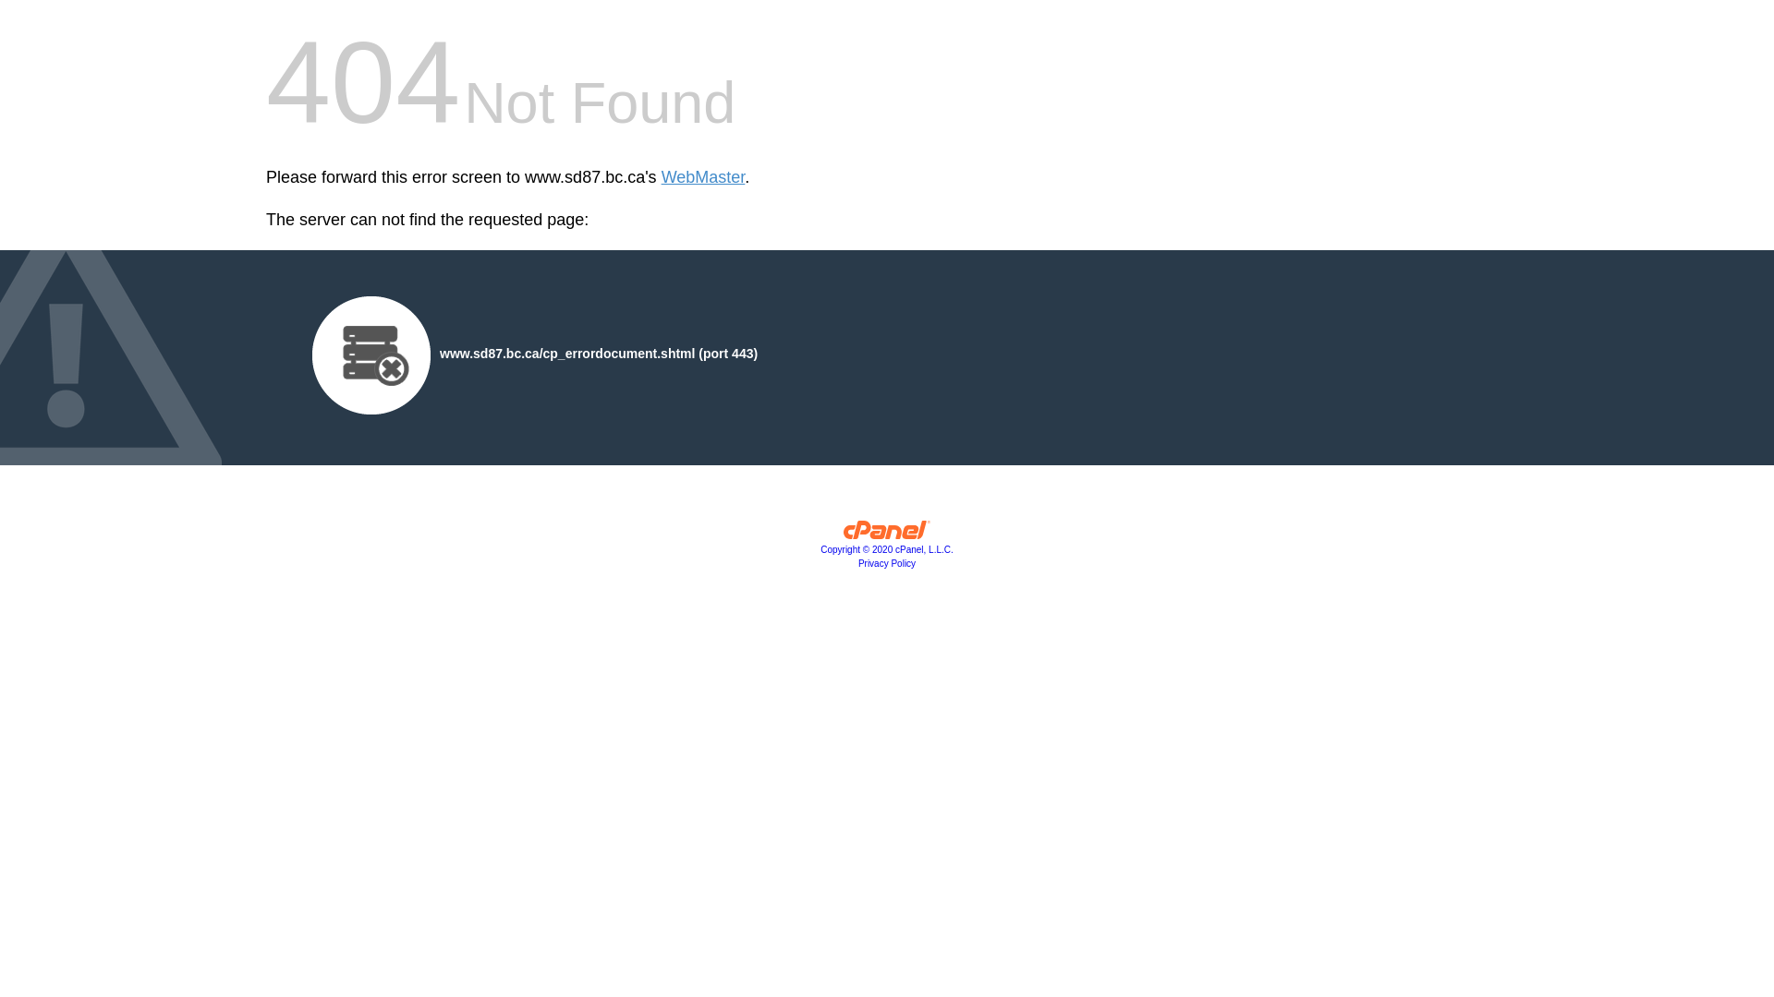 This screenshot has width=1774, height=997. What do you see at coordinates (887, 534) in the screenshot?
I see `'cPanel, Inc.'` at bounding box center [887, 534].